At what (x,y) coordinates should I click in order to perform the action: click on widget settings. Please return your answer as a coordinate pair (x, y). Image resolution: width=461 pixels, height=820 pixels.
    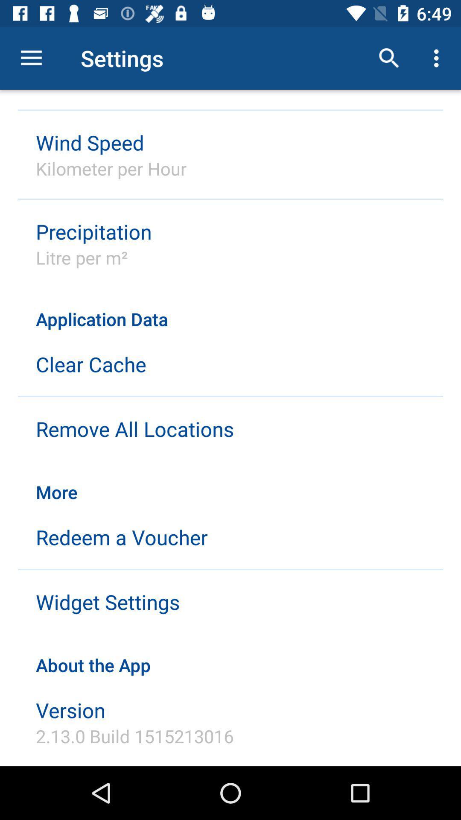
    Looking at the image, I should click on (107, 601).